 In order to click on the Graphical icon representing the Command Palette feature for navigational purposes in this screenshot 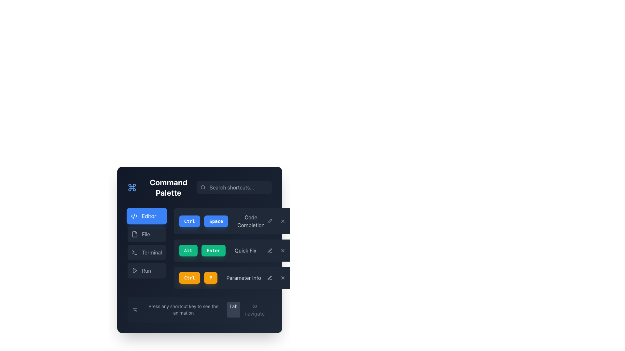, I will do `click(132, 188)`.